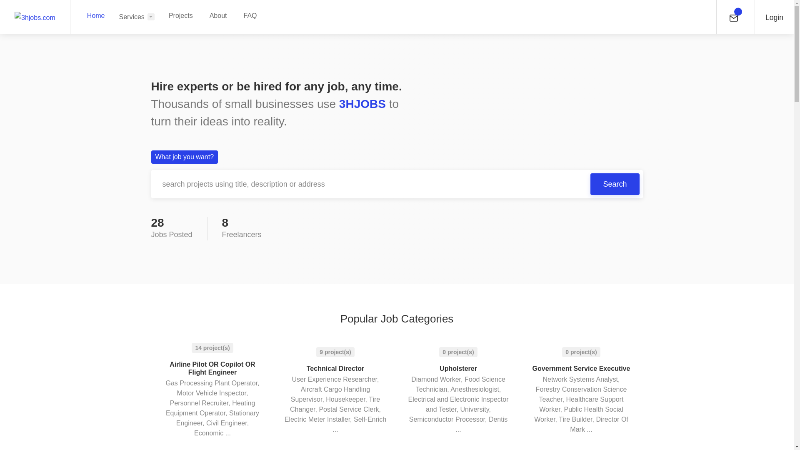  Describe the element at coordinates (96, 15) in the screenshot. I see `'Home'` at that location.